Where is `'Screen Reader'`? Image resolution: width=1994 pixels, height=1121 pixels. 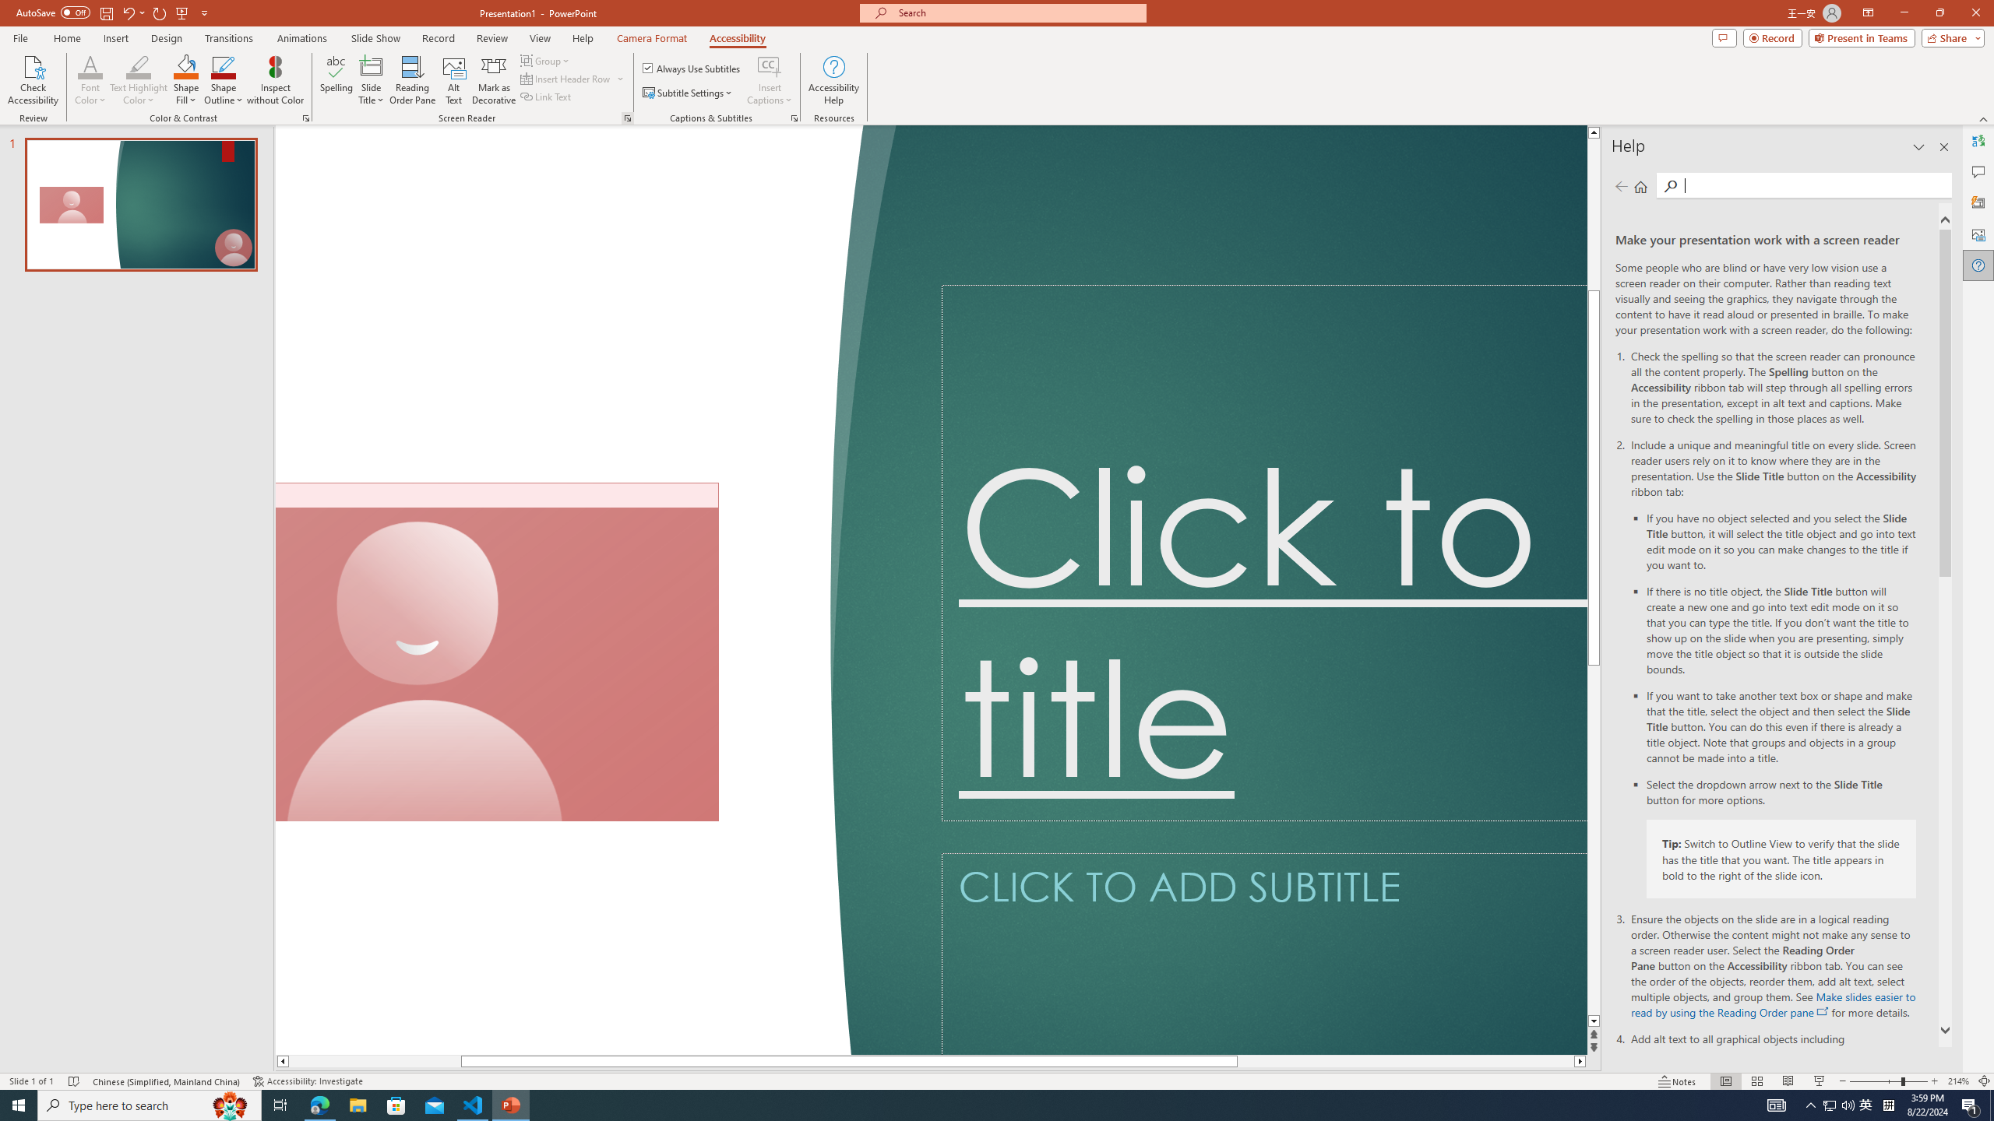
'Screen Reader' is located at coordinates (628, 117).